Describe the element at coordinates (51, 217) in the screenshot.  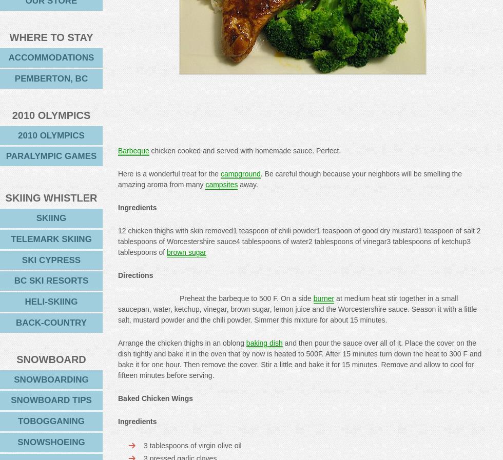
I see `'SKIING'` at that location.